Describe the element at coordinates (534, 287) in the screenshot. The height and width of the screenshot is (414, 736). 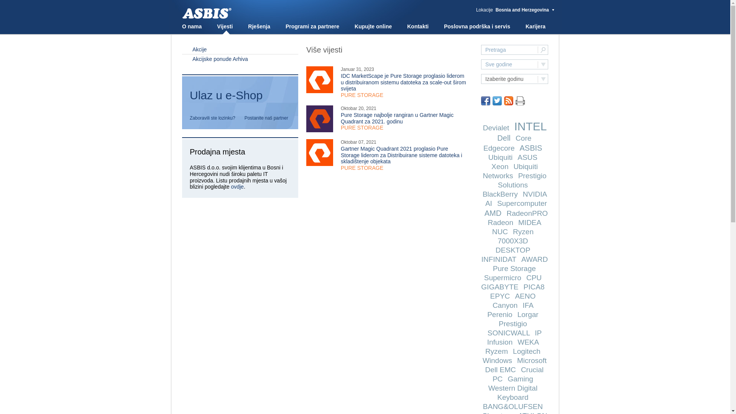
I see `'PICA8'` at that location.